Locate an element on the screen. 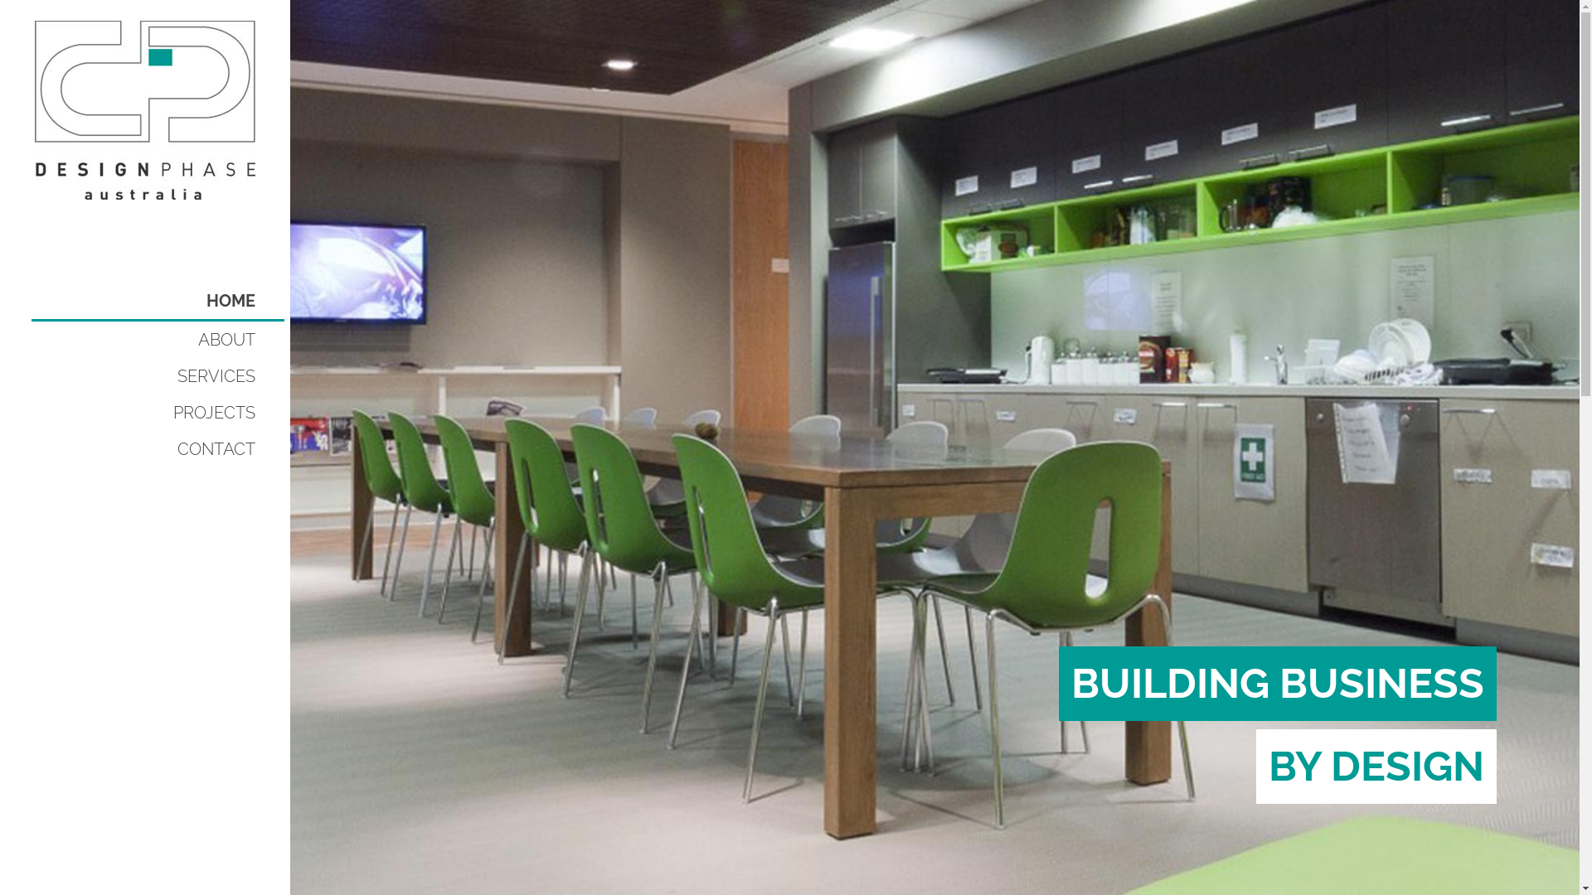 The width and height of the screenshot is (1592, 895). 'HOME' is located at coordinates (158, 302).